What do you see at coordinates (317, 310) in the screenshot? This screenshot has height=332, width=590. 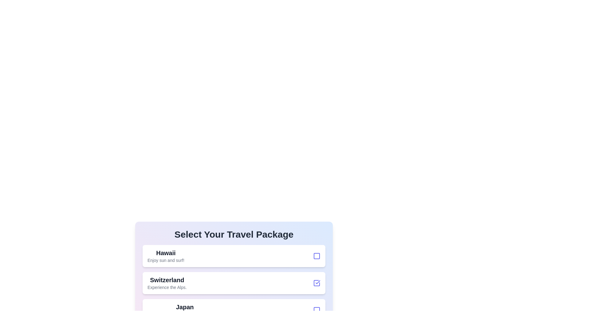 I see `the checkbox for the travel package 'Japan' to select or deselect it` at bounding box center [317, 310].